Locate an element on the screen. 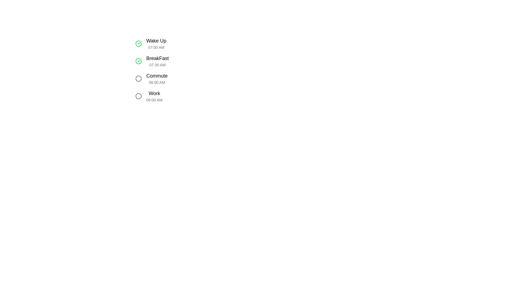 Image resolution: width=526 pixels, height=296 pixels. the timestamp text label that indicates the time associated with the 'BreakFast' entry, positioned below the 'BreakFast' label and aligned to its left is located at coordinates (157, 64).